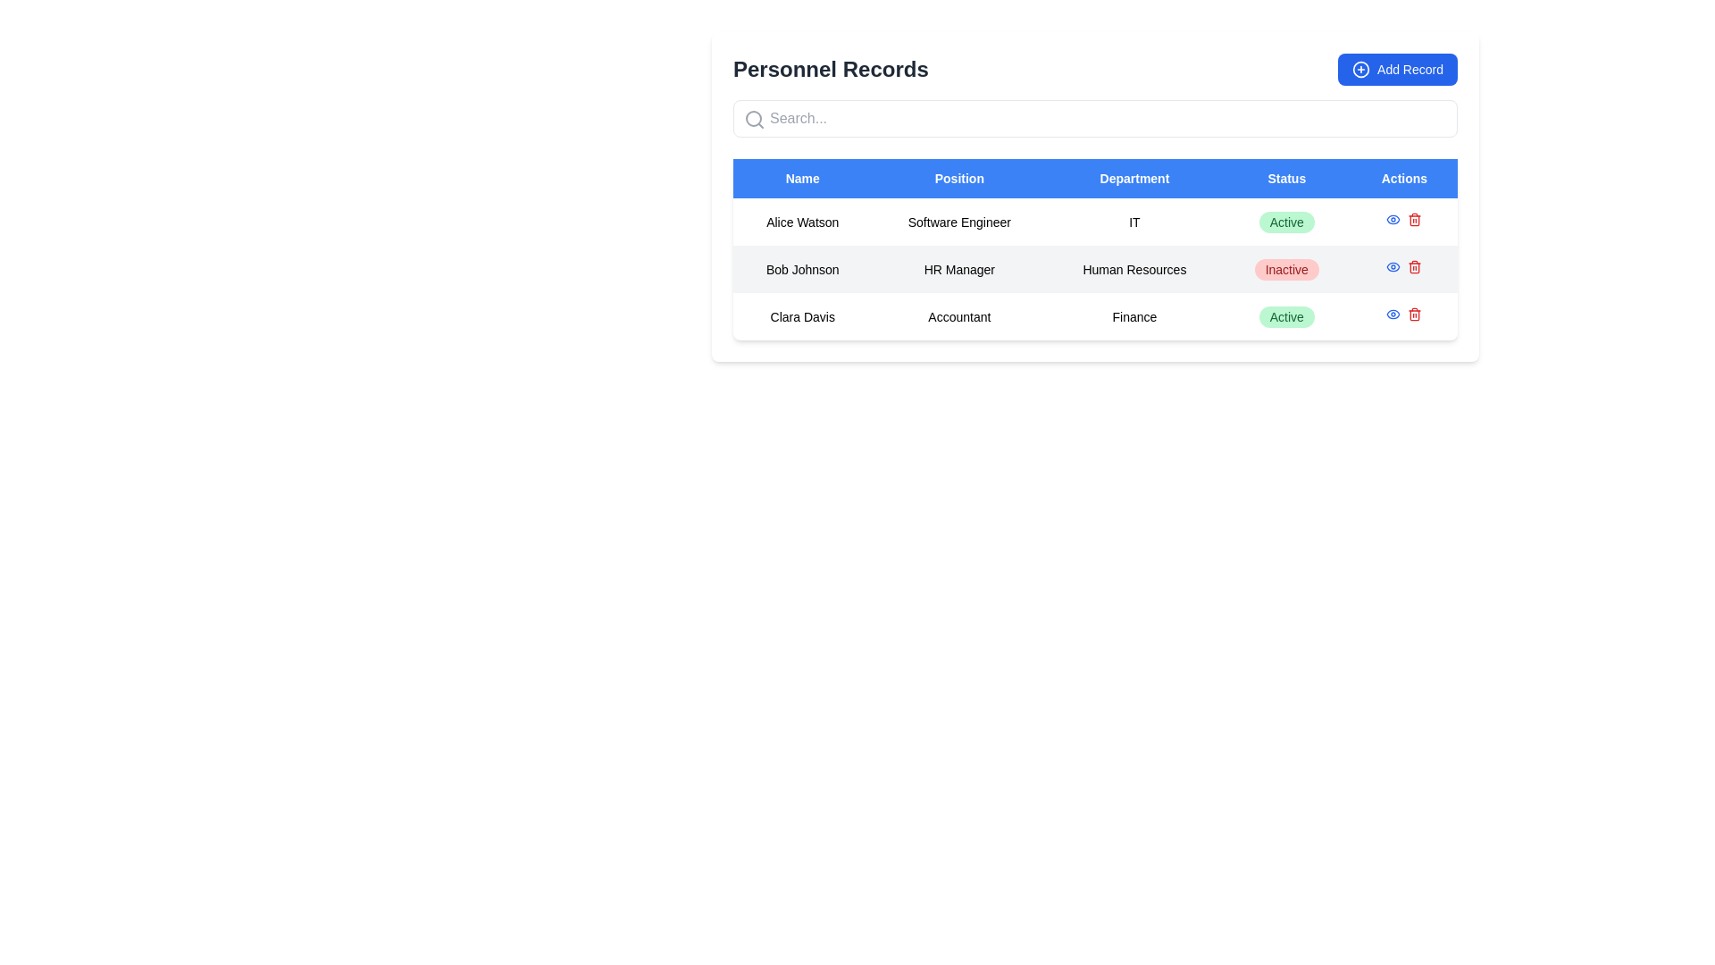 This screenshot has width=1715, height=965. Describe the element at coordinates (1134, 179) in the screenshot. I see `the 'Department' column header in the table, which is the third header positioned between 'Position' and 'Status'` at that location.